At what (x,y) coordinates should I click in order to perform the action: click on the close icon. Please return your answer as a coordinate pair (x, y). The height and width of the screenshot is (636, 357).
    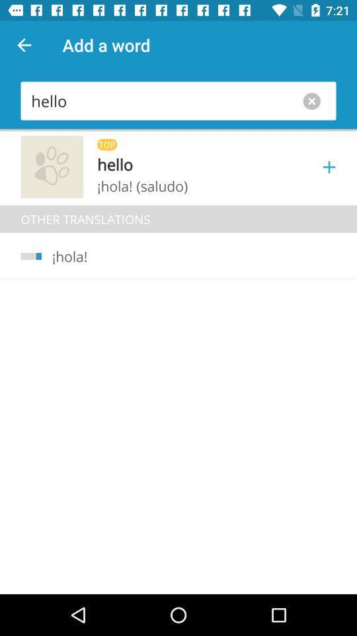
    Looking at the image, I should click on (314, 100).